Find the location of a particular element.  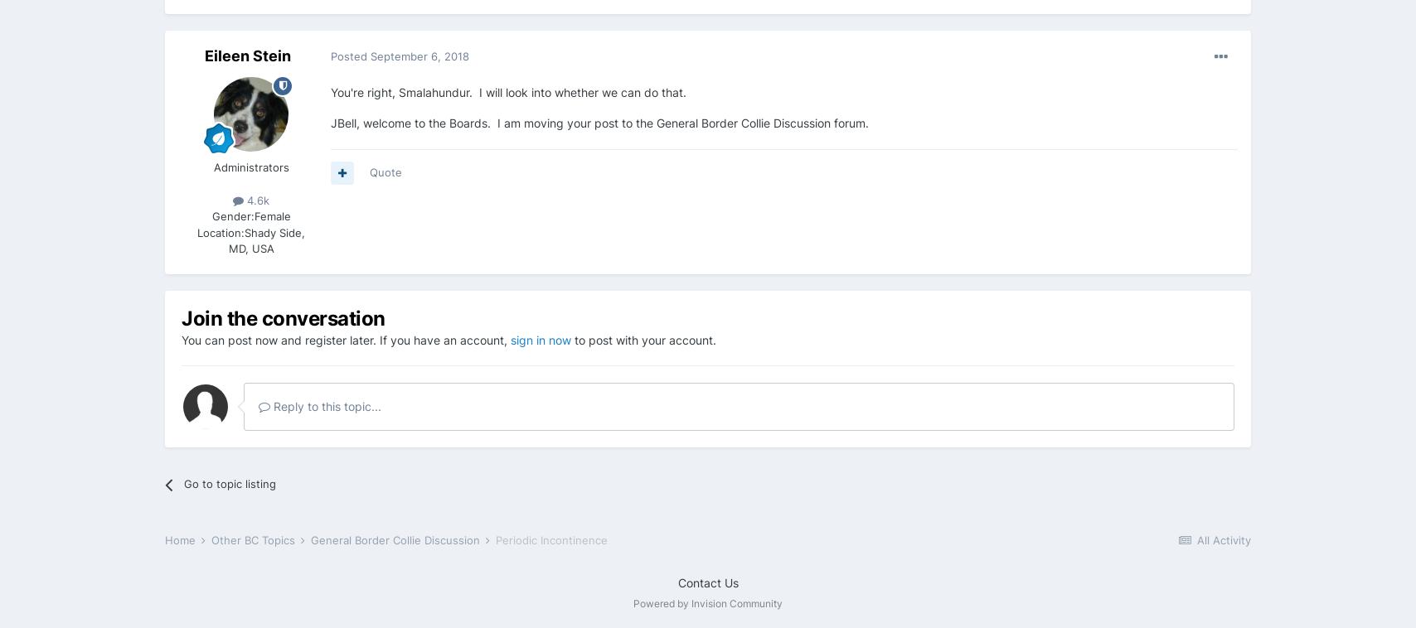

'JBell, welcome to the Boards.  I am moving your post to the General Border Collie Discussion forum.' is located at coordinates (599, 121).